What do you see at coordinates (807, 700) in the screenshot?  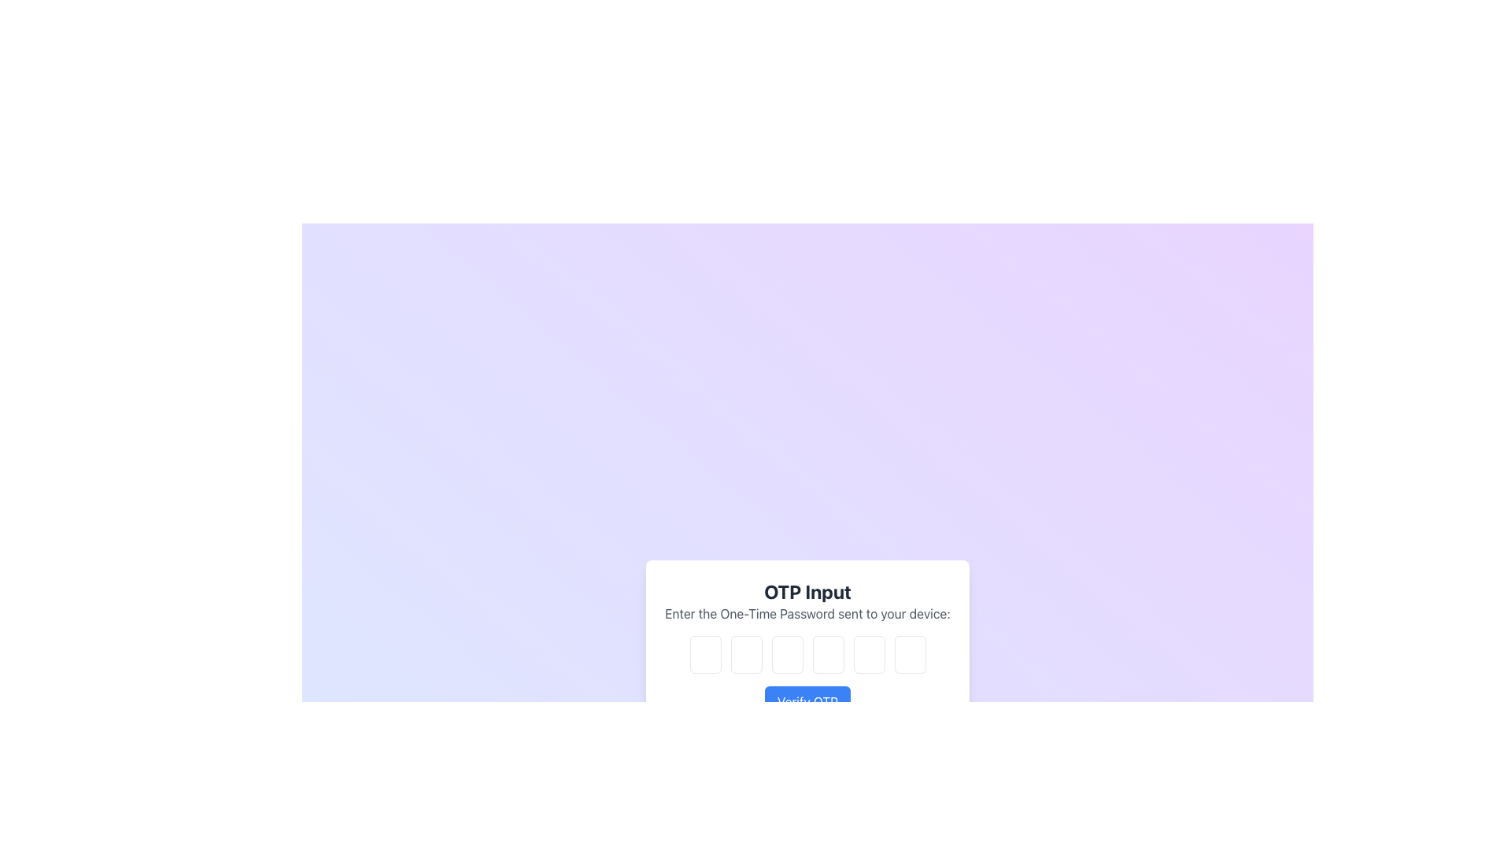 I see `the 'Verify OTP' button with a blue background and white text, located at the bottom of the OTP input form card` at bounding box center [807, 700].